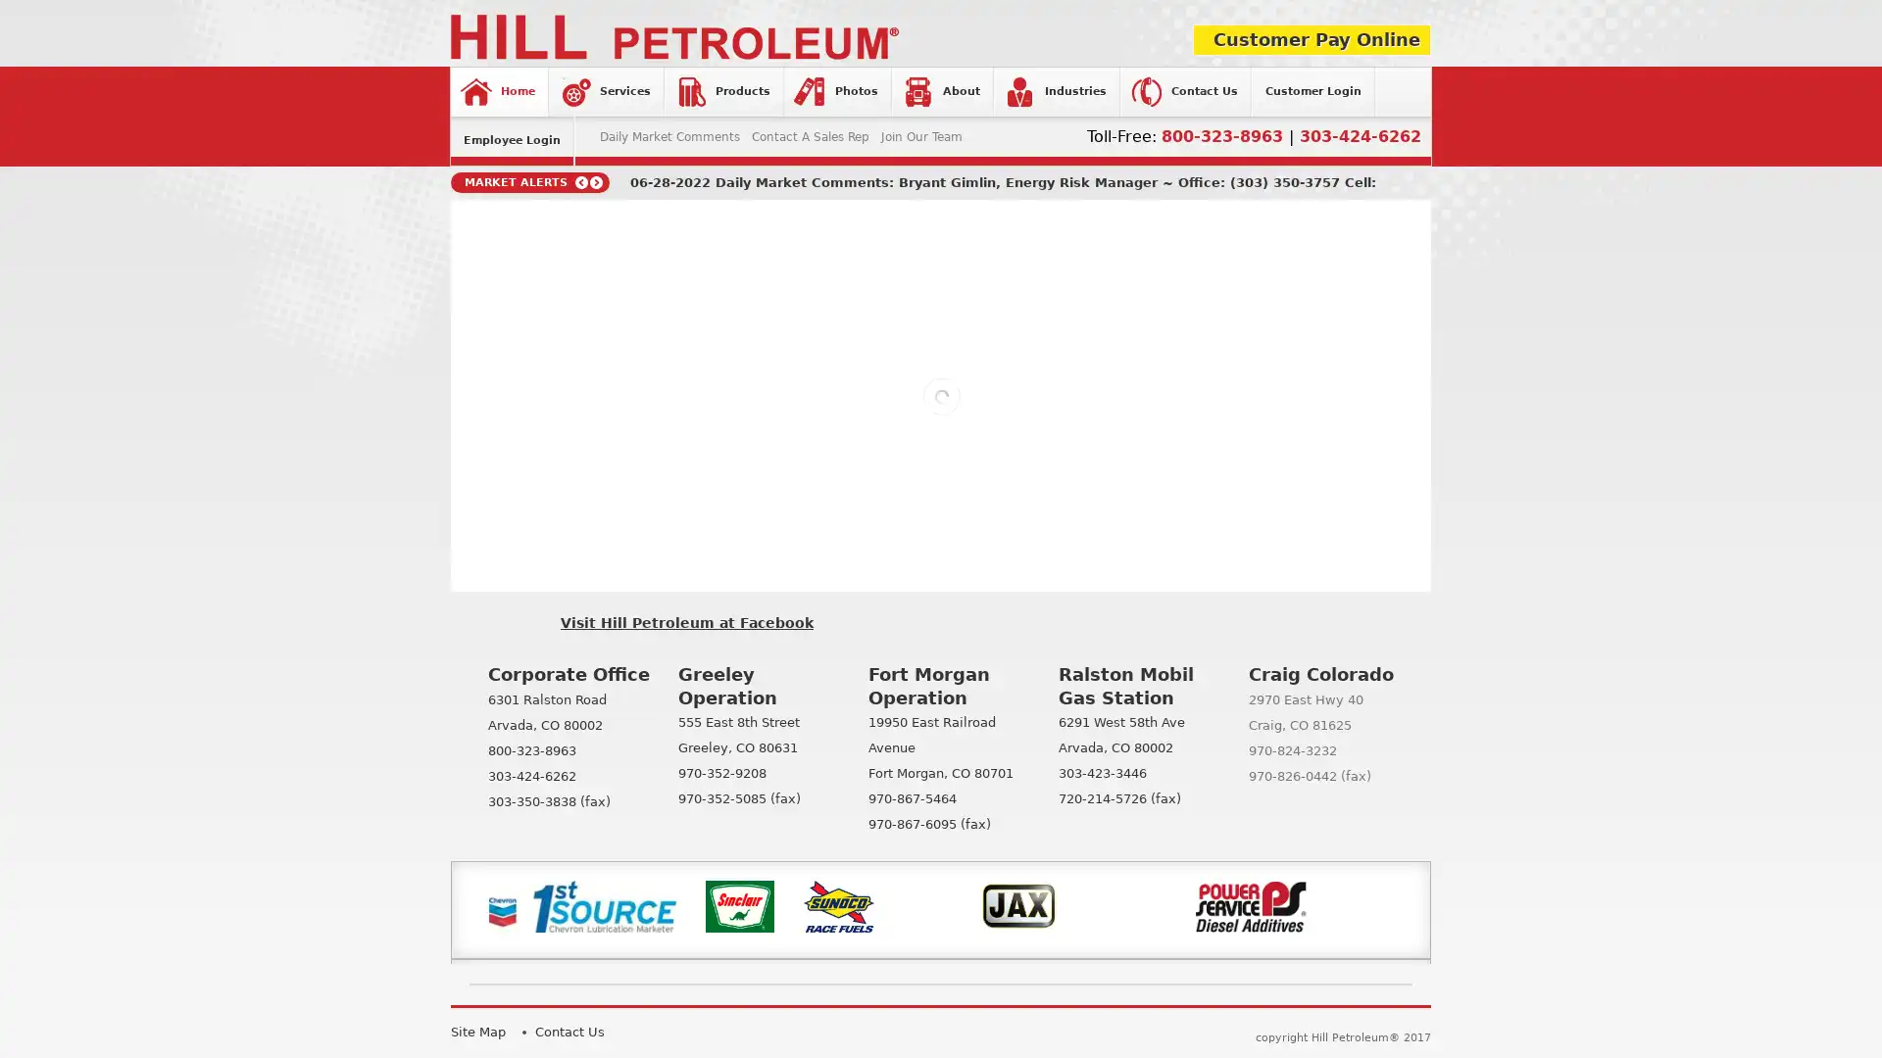 This screenshot has width=1882, height=1058. I want to click on Login, so click(812, 356).